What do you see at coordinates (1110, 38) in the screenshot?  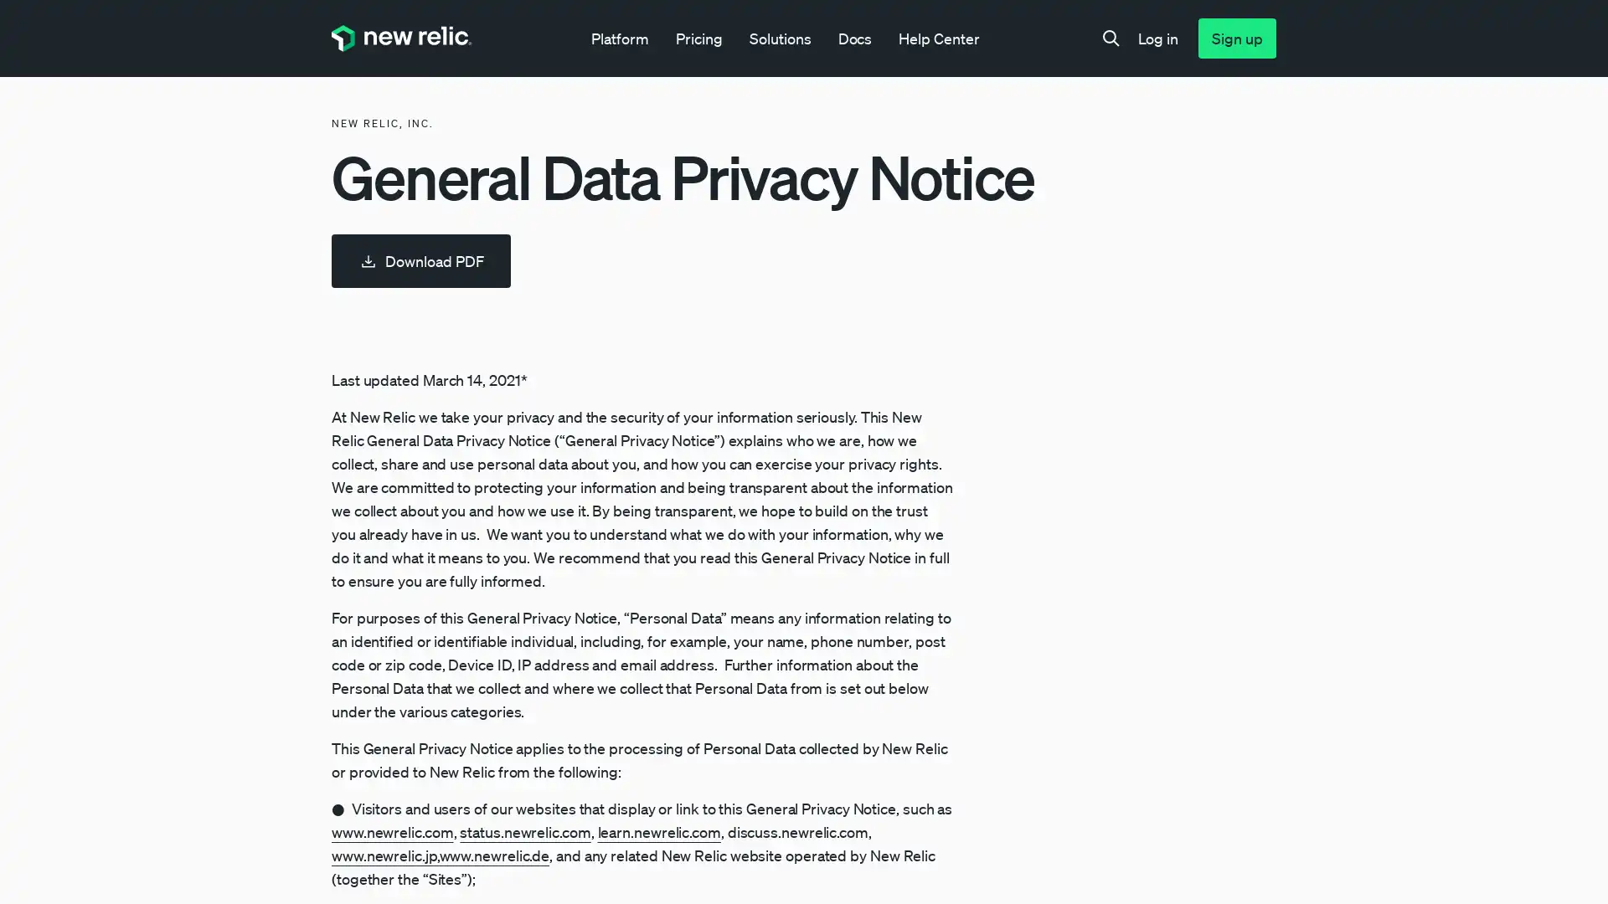 I see `Search toggle` at bounding box center [1110, 38].